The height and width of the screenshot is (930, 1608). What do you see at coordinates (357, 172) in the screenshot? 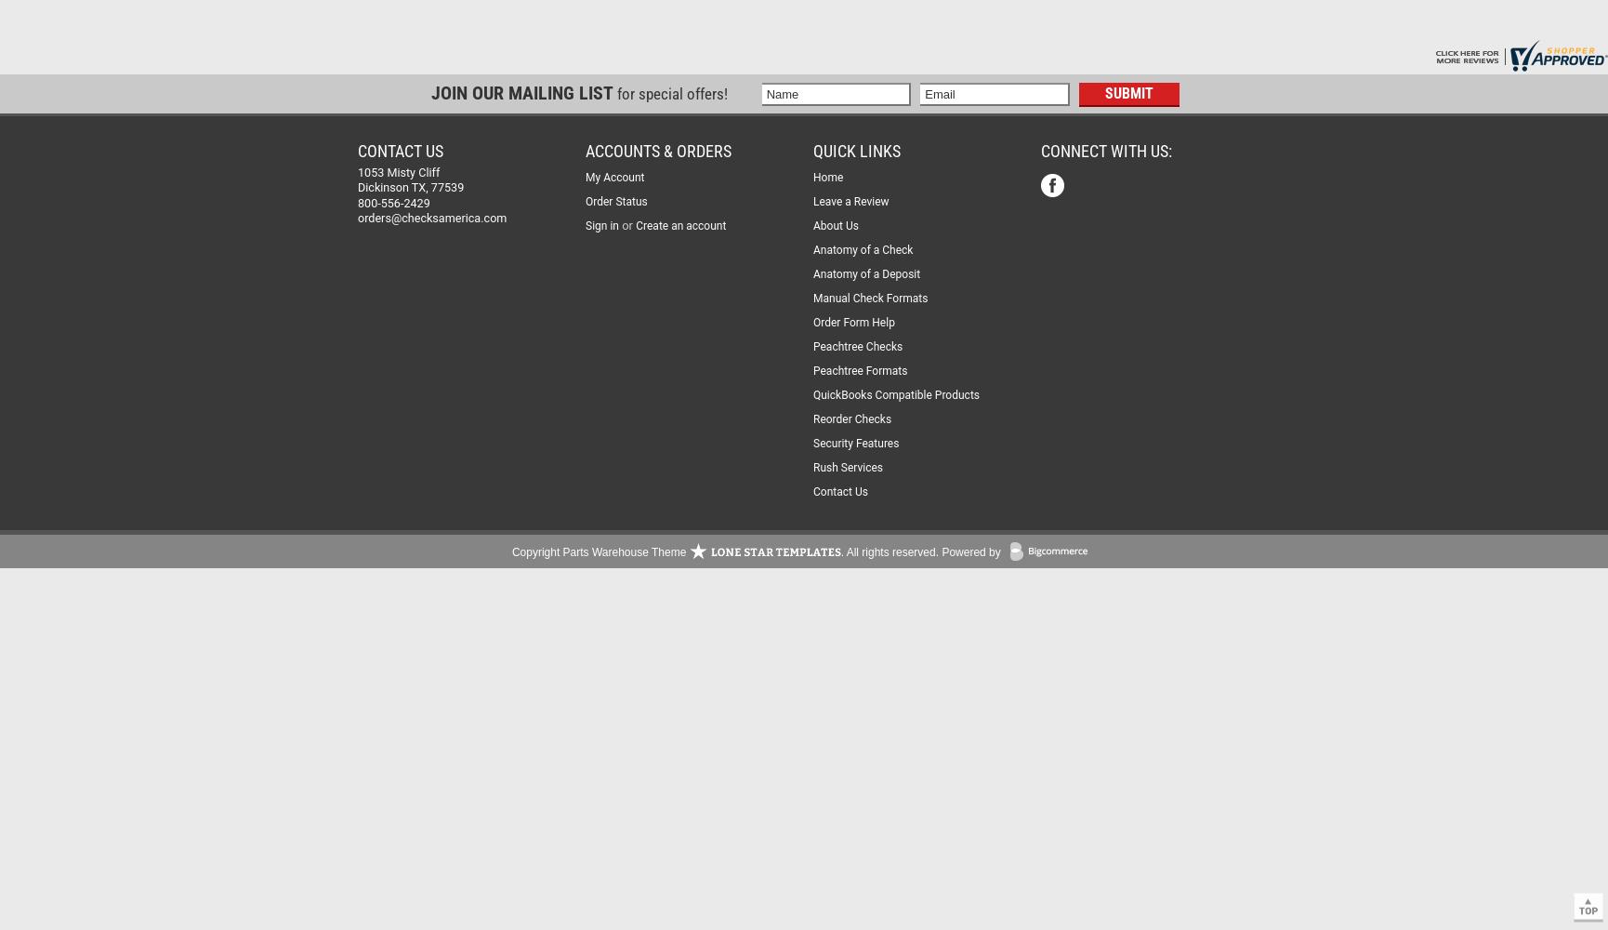
I see `'1053 Misty Cliff'` at bounding box center [357, 172].